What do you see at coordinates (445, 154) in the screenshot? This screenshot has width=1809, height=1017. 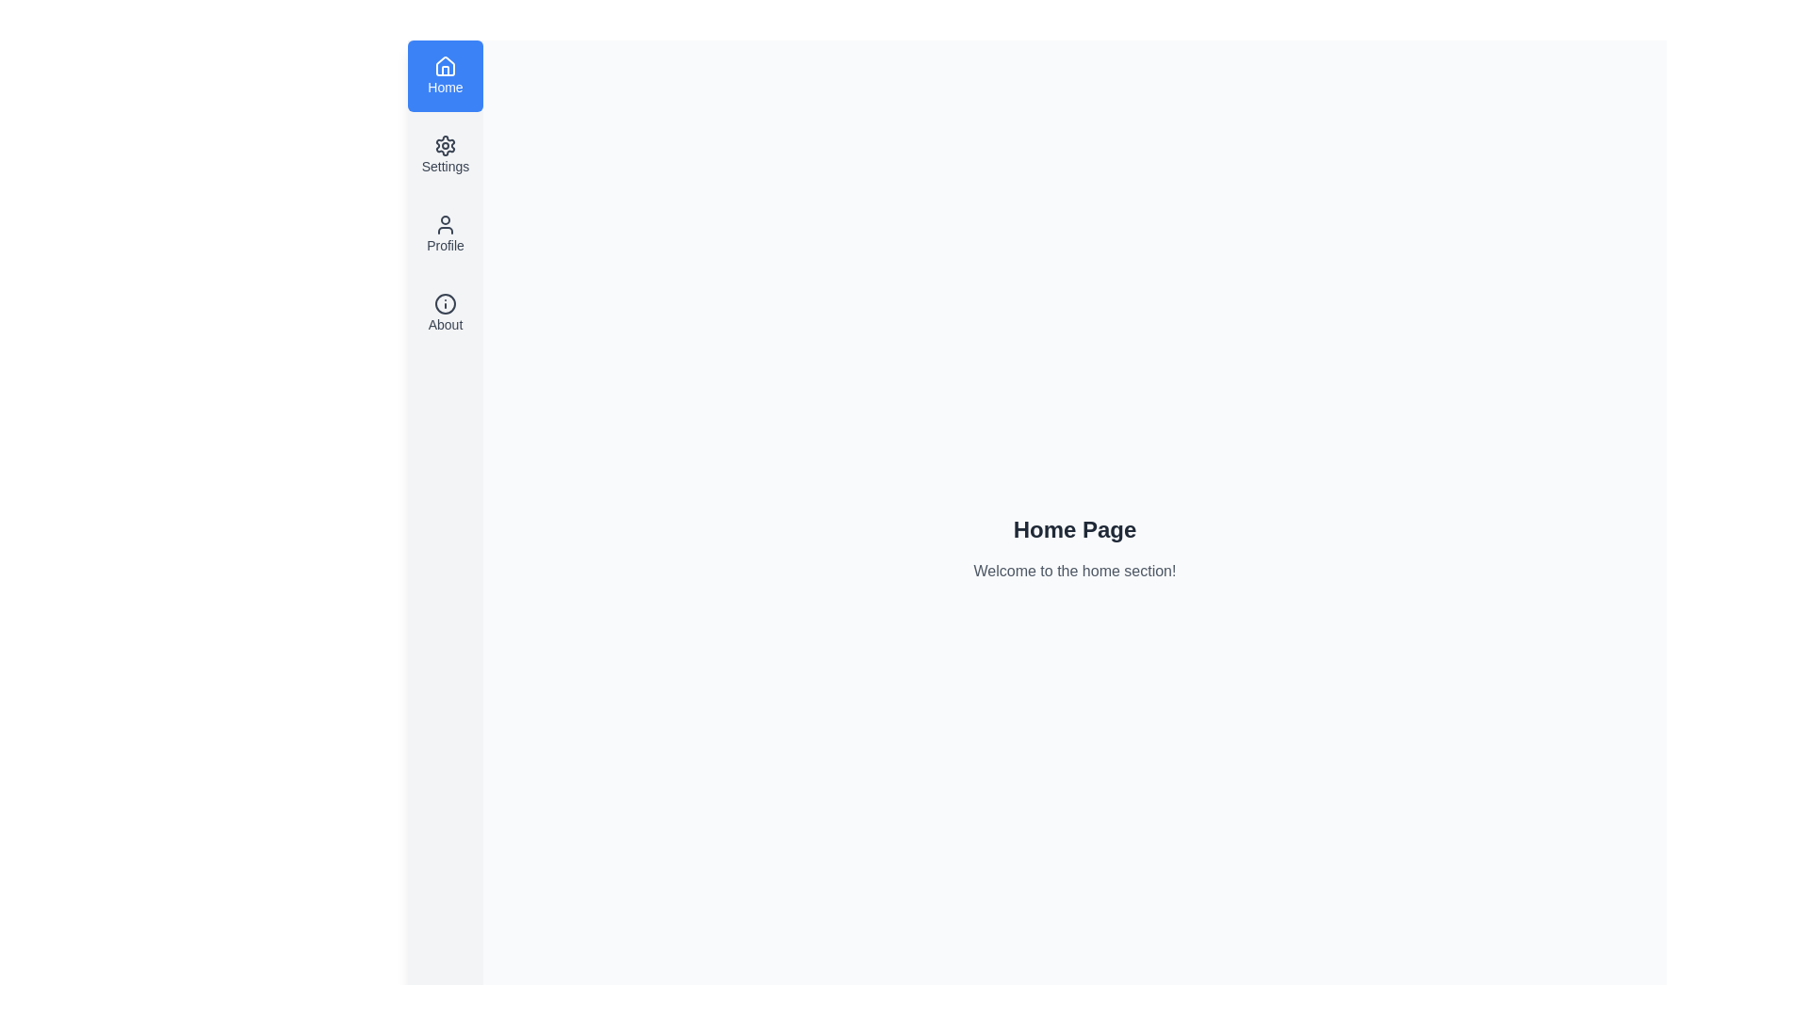 I see `the menu option Settings to preview its content` at bounding box center [445, 154].